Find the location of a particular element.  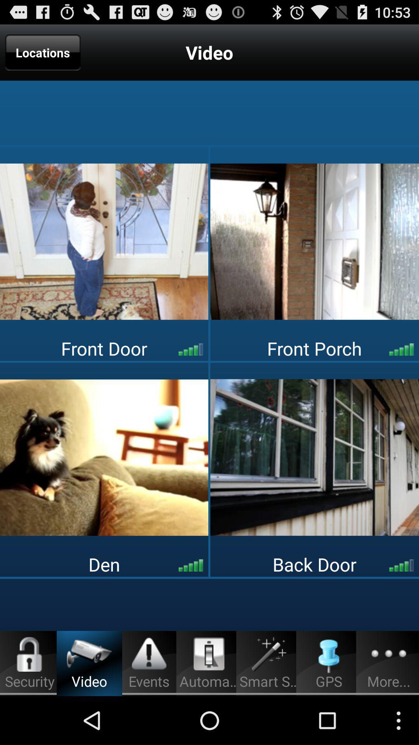

open video option is located at coordinates (315, 241).